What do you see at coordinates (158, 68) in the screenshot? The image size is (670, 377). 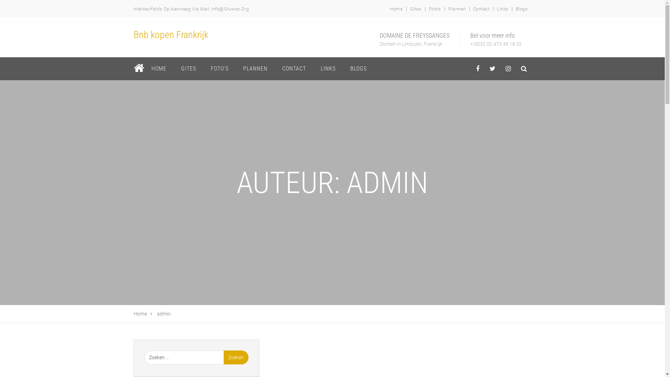 I see `'HOME'` at bounding box center [158, 68].